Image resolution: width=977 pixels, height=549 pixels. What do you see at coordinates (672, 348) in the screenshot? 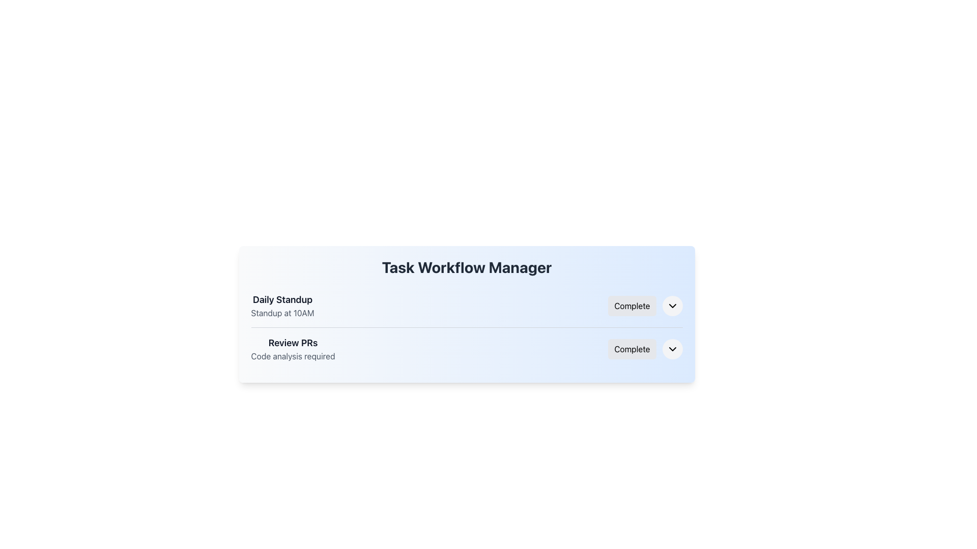
I see `the downward-facing chevron icon in the dropdown button located at the far right of the 'Review PRs' row in the Task Workflow Manager` at bounding box center [672, 348].